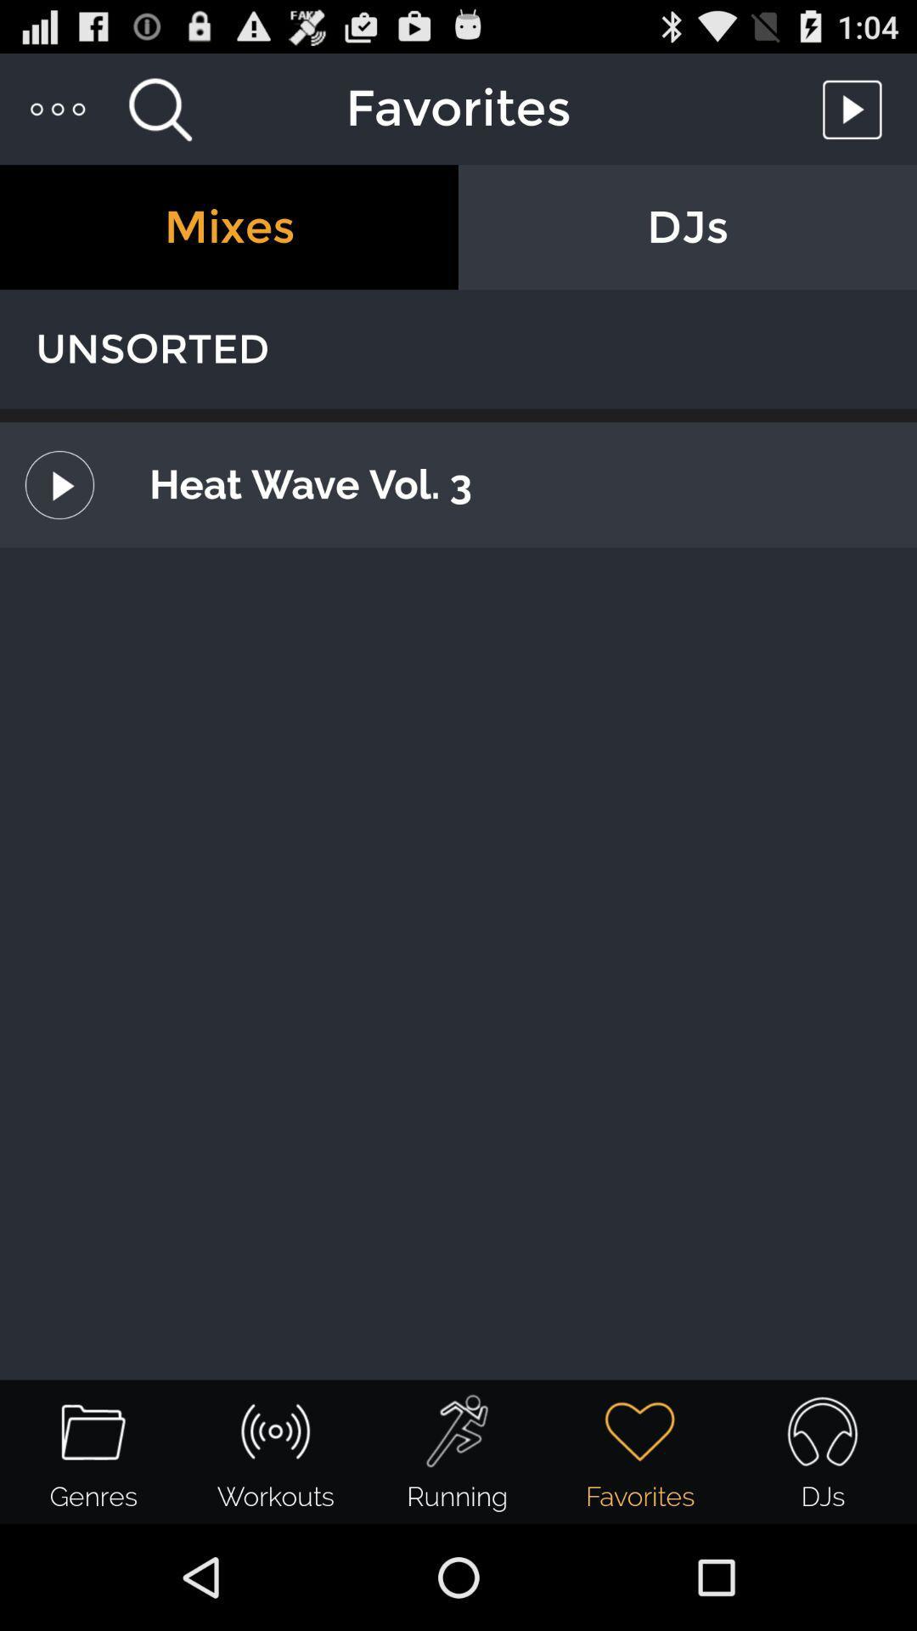 This screenshot has height=1631, width=917. Describe the element at coordinates (160, 108) in the screenshot. I see `the icon above mixes` at that location.